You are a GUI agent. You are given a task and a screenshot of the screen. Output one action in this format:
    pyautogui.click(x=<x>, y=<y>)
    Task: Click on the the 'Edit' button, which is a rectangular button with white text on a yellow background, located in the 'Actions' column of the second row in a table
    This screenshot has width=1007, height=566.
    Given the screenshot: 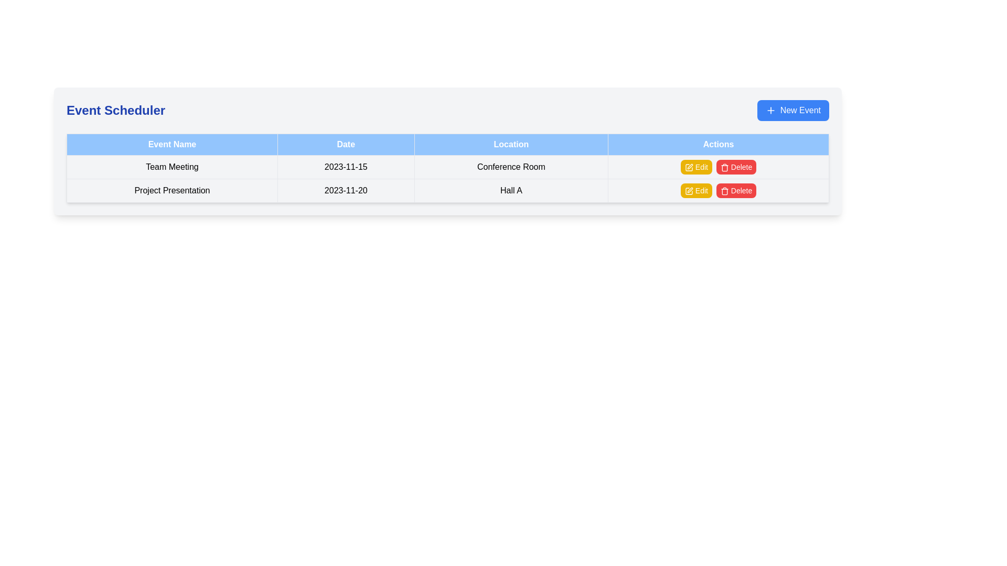 What is the action you would take?
    pyautogui.click(x=696, y=190)
    